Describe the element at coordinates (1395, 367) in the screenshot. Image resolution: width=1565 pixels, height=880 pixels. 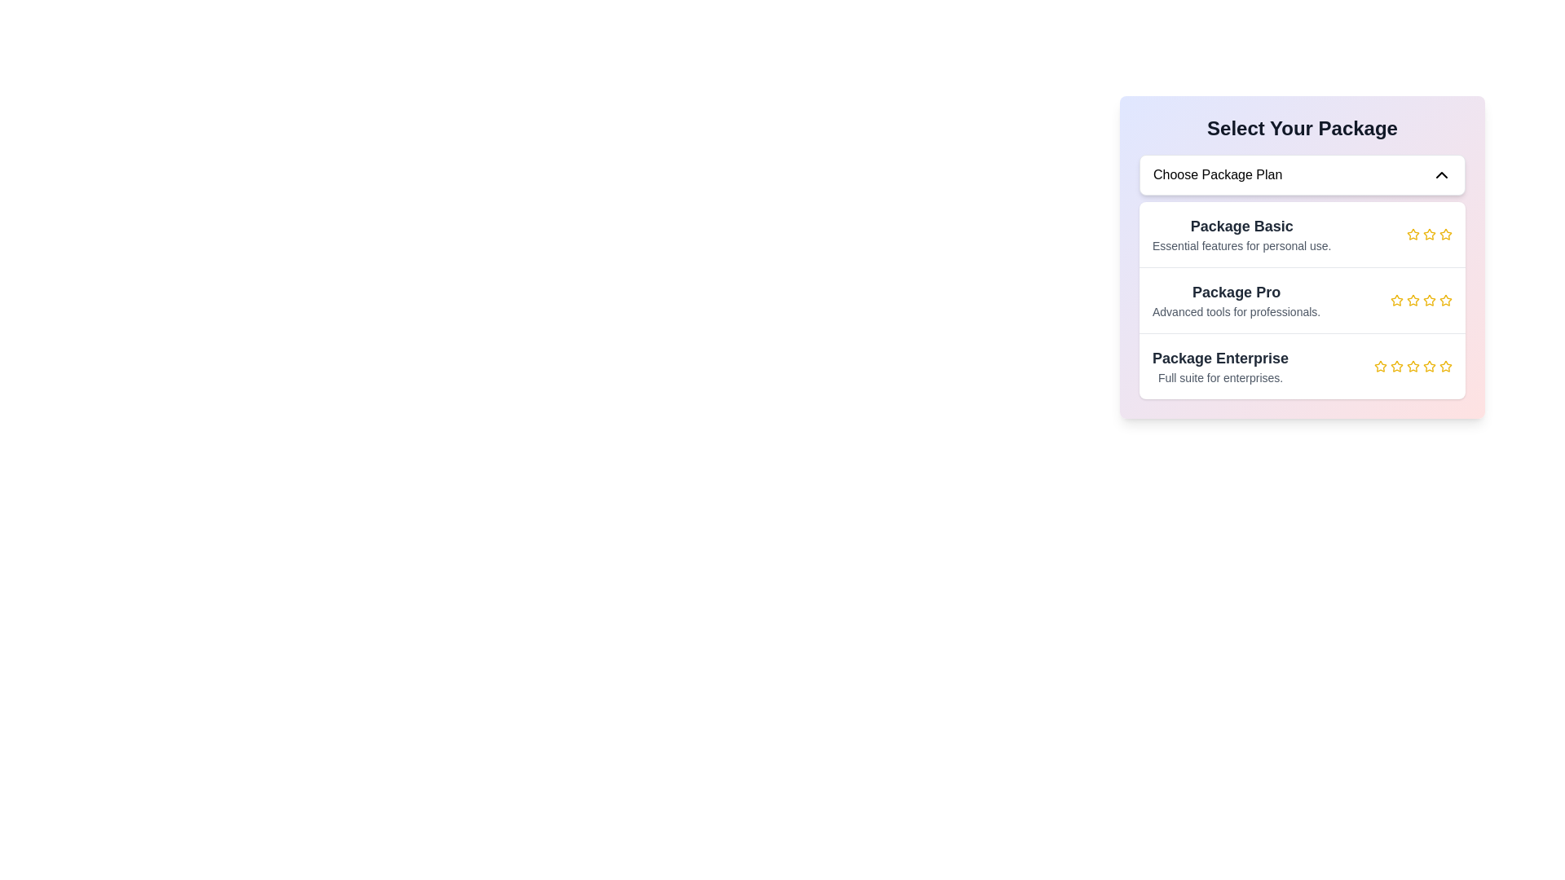
I see `the third star icon in the five-star rating system for the 'Package Enterprise' option in the 'Select Your Package' section` at that location.